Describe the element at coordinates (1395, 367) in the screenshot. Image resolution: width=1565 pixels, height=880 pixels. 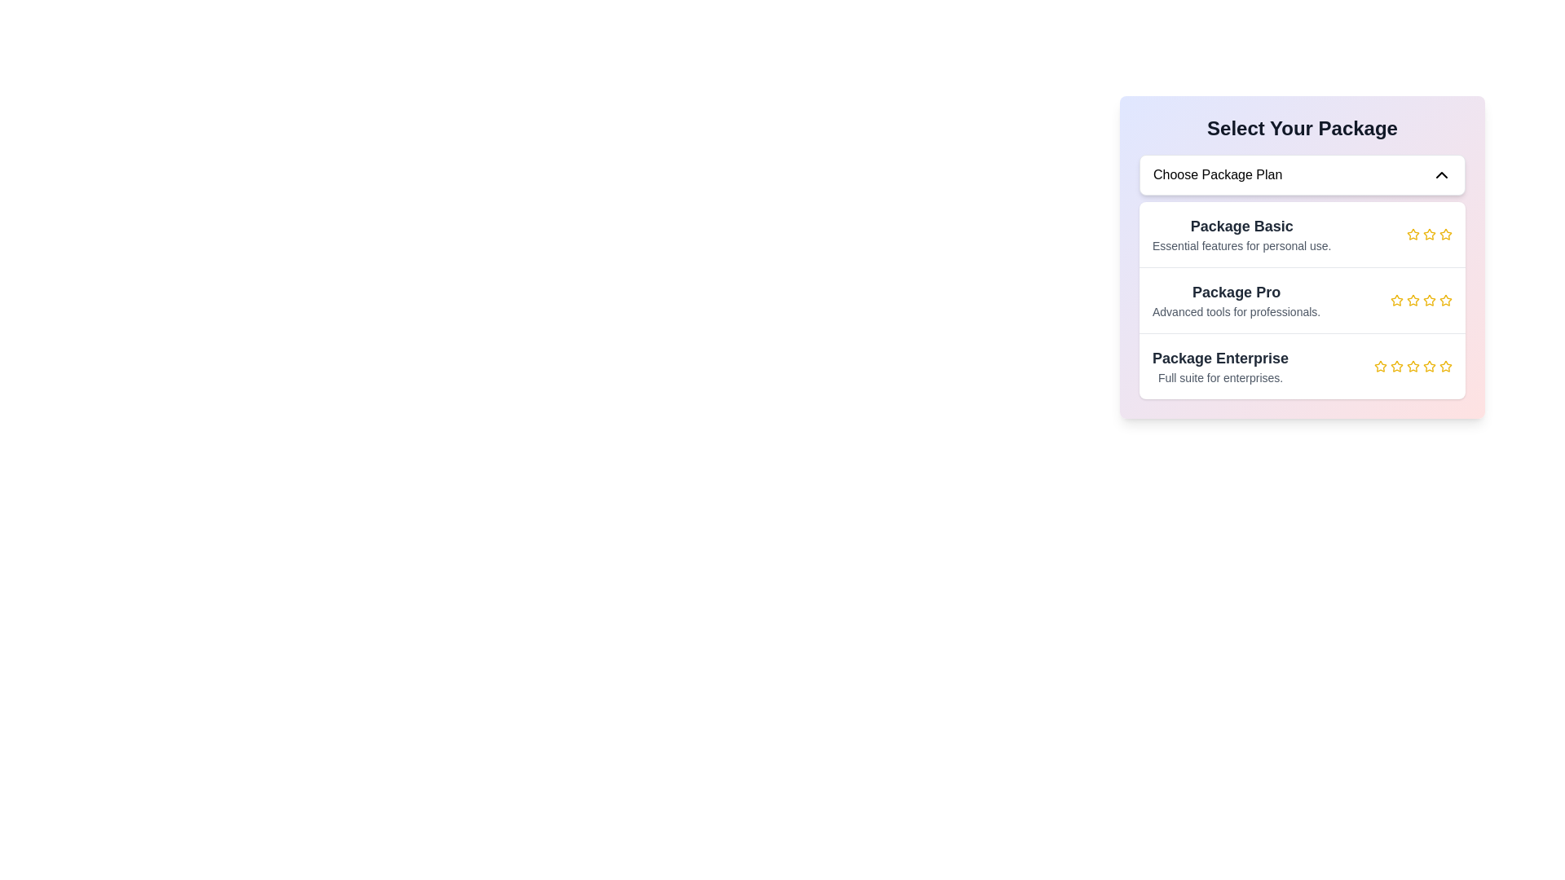
I see `the third star icon in the five-star rating system for the 'Package Enterprise' option in the 'Select Your Package' section` at that location.